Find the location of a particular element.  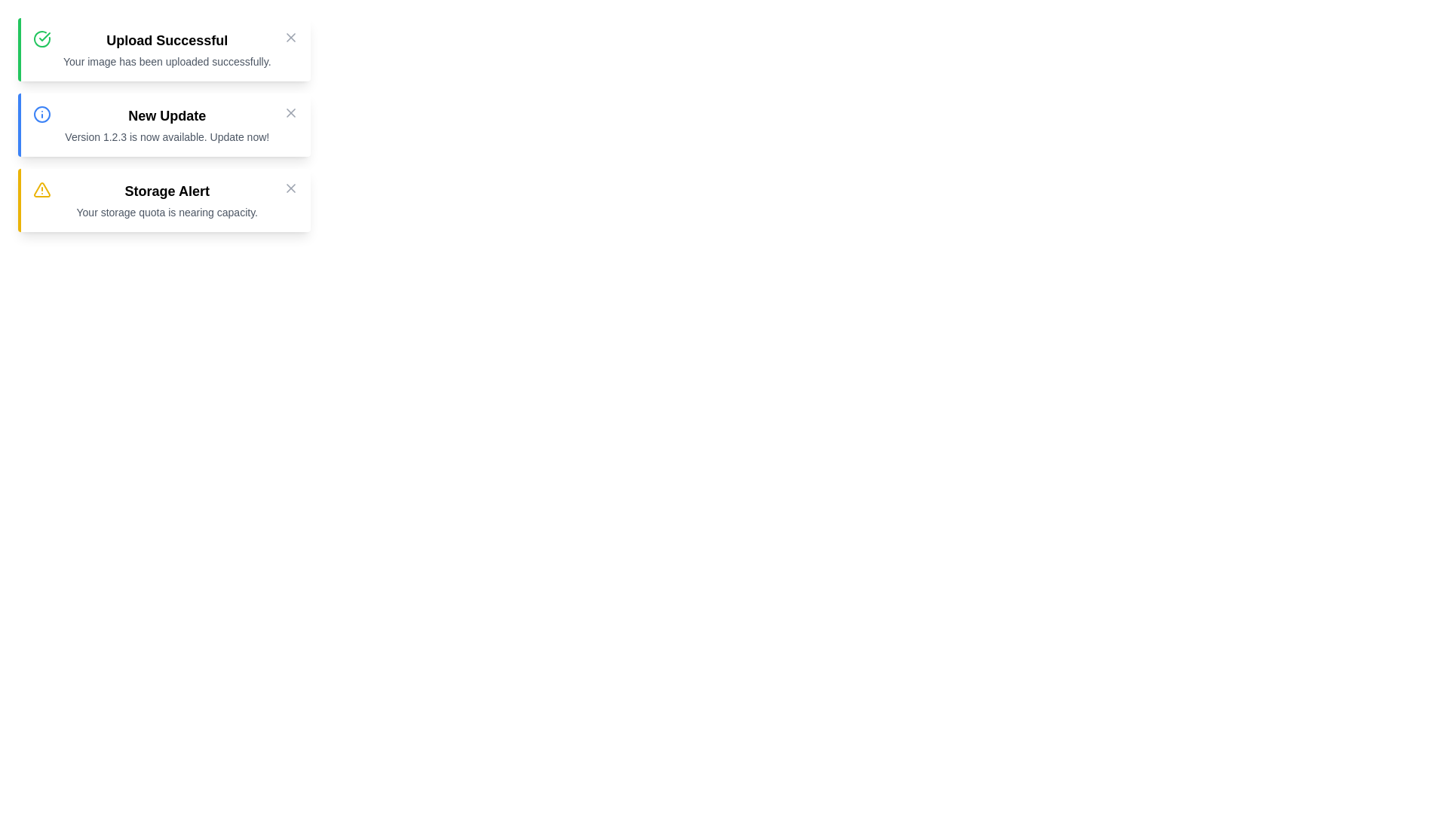

the notification titled 'Upload Successful' to observe the hover effect is located at coordinates (164, 48).